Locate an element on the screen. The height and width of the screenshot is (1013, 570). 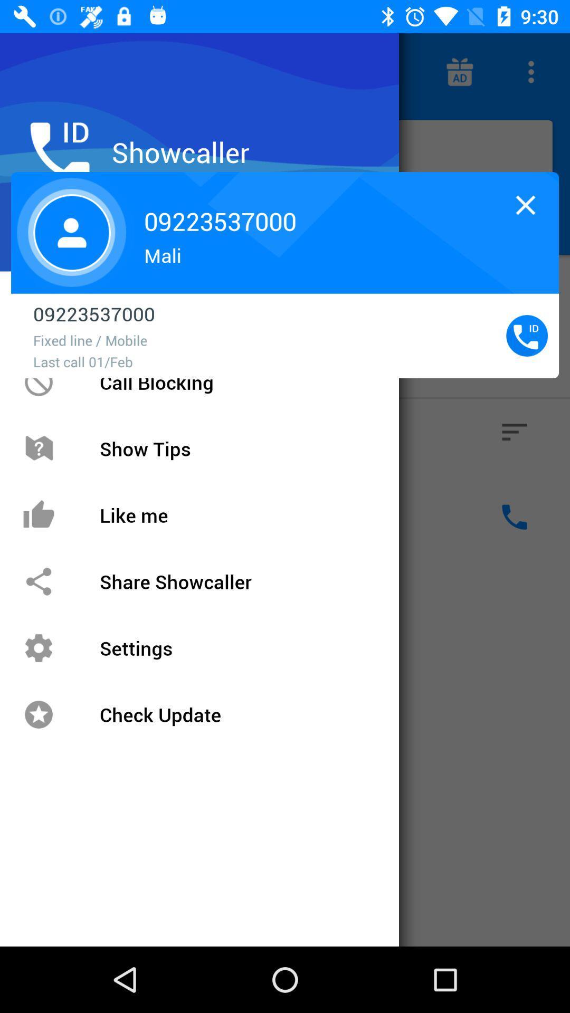
the gift icon is located at coordinates (459, 71).